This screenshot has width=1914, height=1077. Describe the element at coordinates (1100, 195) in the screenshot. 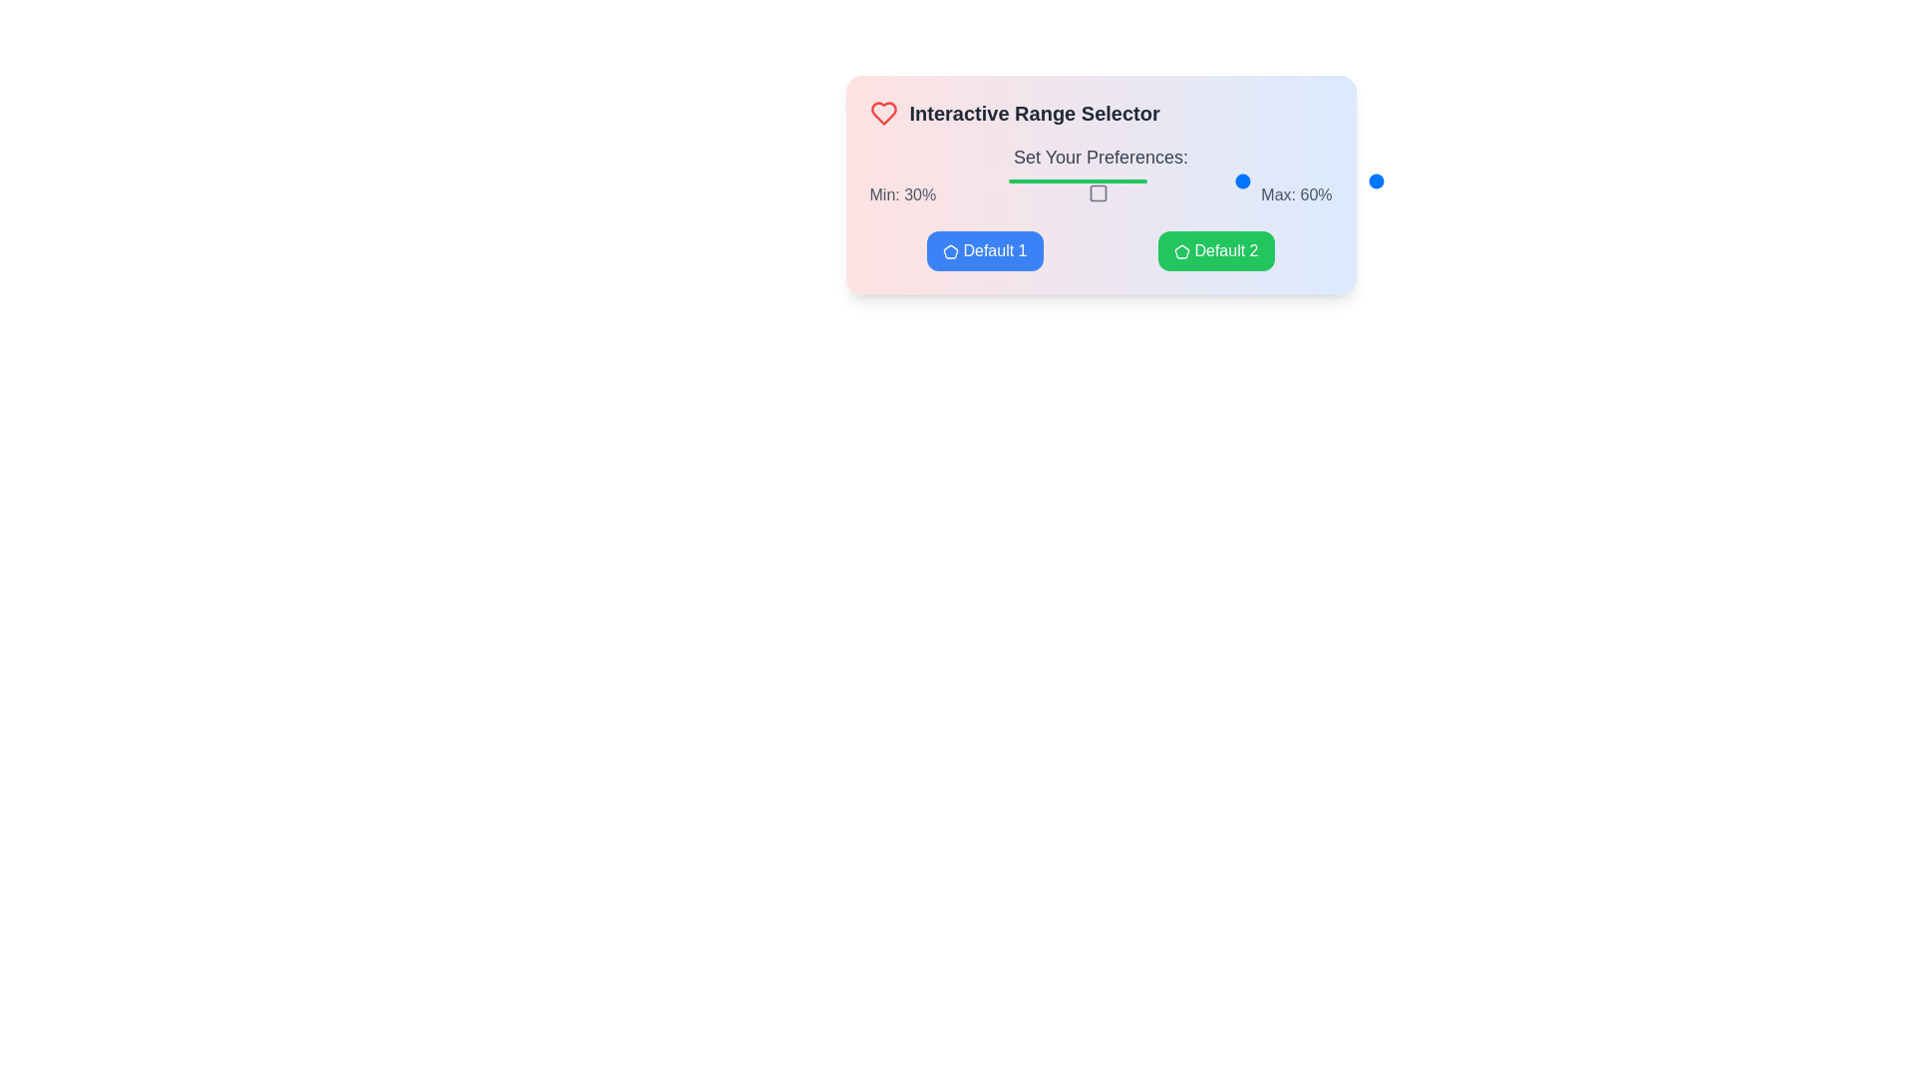

I see `the Text label displaying 'Min: 30%Max: 60%' with a graphical icon in the middle, located beneath the heading 'Set Your Preferences:'` at that location.